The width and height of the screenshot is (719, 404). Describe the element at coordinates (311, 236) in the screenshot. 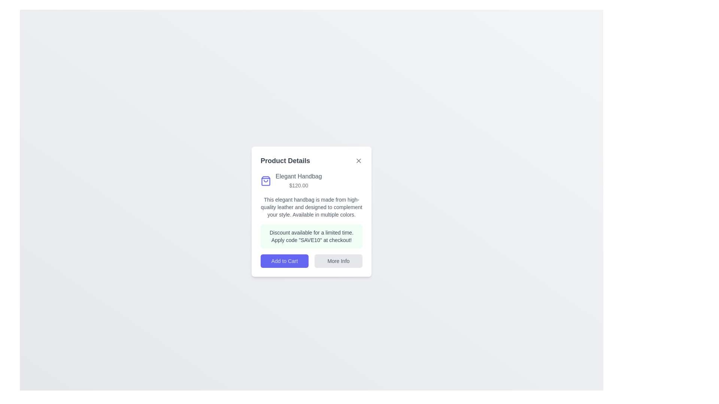

I see `the static informational alert box with a light green background that contains the message 'Discount available for a limited time. Apply code "SAVE10" at checkout!' in bold gray text, located near the bottom of the modal dialog titled 'Product Details'` at that location.